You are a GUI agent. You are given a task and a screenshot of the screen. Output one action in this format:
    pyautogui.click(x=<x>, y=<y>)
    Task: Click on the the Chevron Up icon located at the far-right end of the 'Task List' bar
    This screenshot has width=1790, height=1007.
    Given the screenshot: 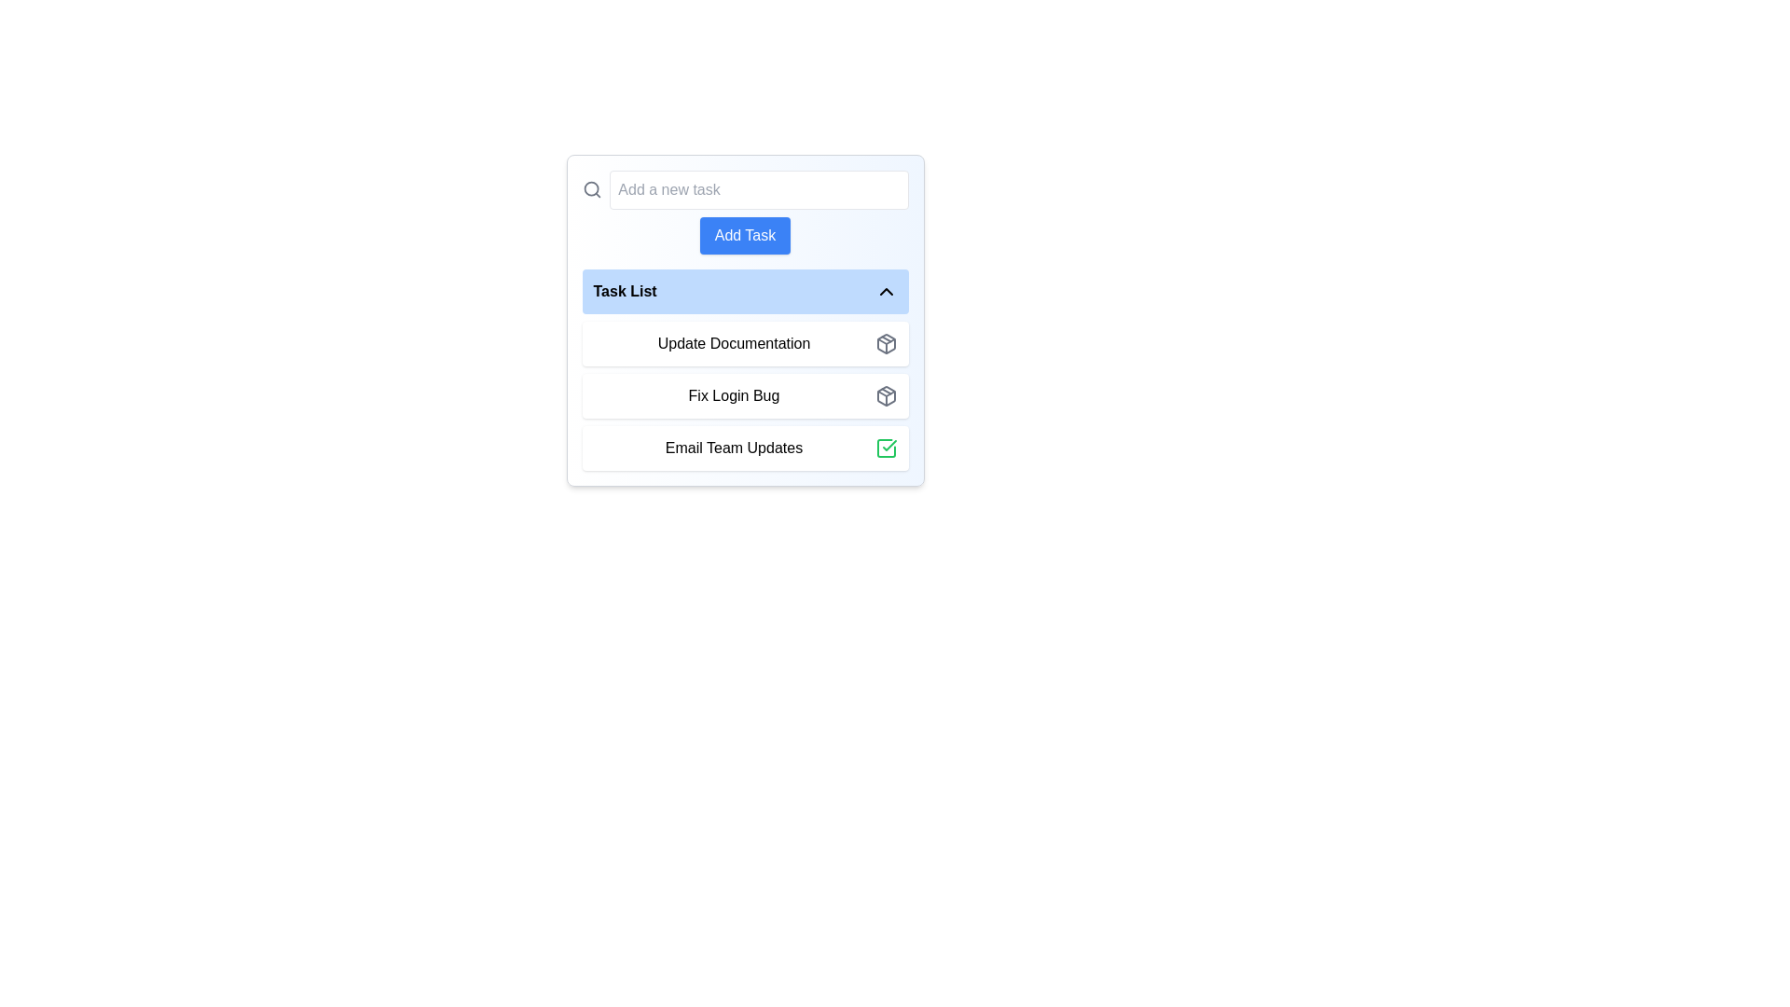 What is the action you would take?
    pyautogui.click(x=885, y=291)
    